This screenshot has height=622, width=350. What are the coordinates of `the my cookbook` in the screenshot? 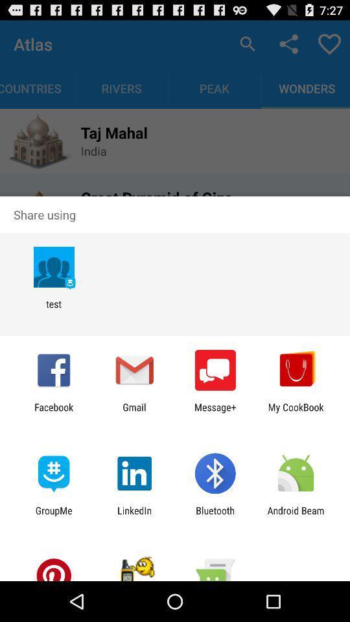 It's located at (296, 412).